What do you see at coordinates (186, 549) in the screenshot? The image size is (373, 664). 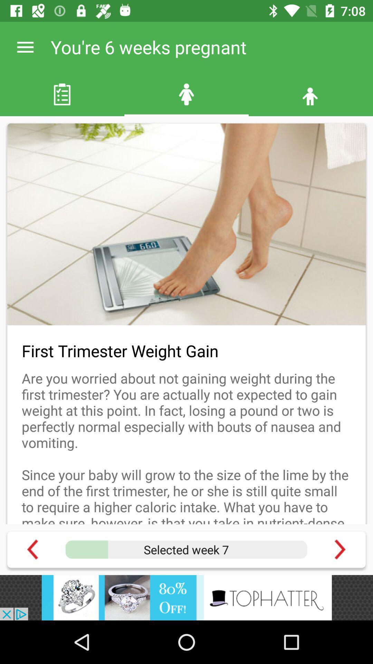 I see `week selection` at bounding box center [186, 549].